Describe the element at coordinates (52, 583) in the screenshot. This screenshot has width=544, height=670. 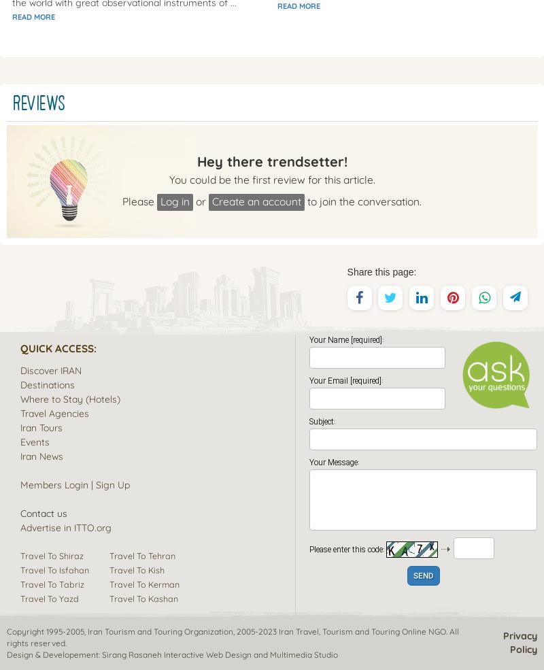
I see `'Travel To Tabriz'` at that location.